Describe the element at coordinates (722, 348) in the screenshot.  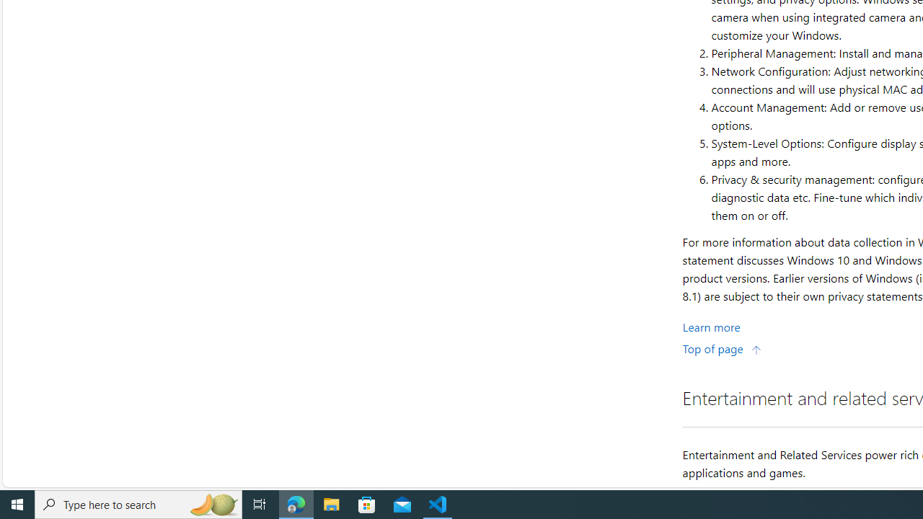
I see `'Top of page'` at that location.